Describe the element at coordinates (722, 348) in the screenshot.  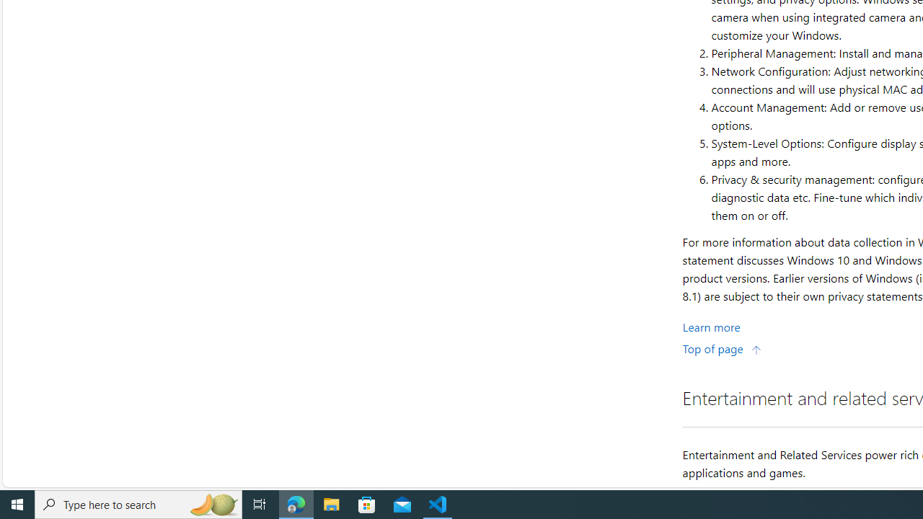
I see `'Top of page'` at that location.